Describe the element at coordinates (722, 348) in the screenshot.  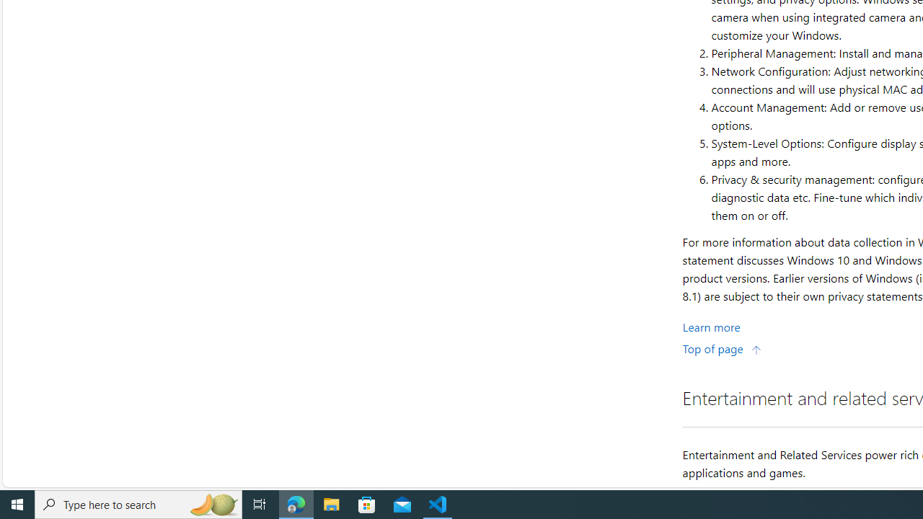
I see `'Top of page'` at that location.